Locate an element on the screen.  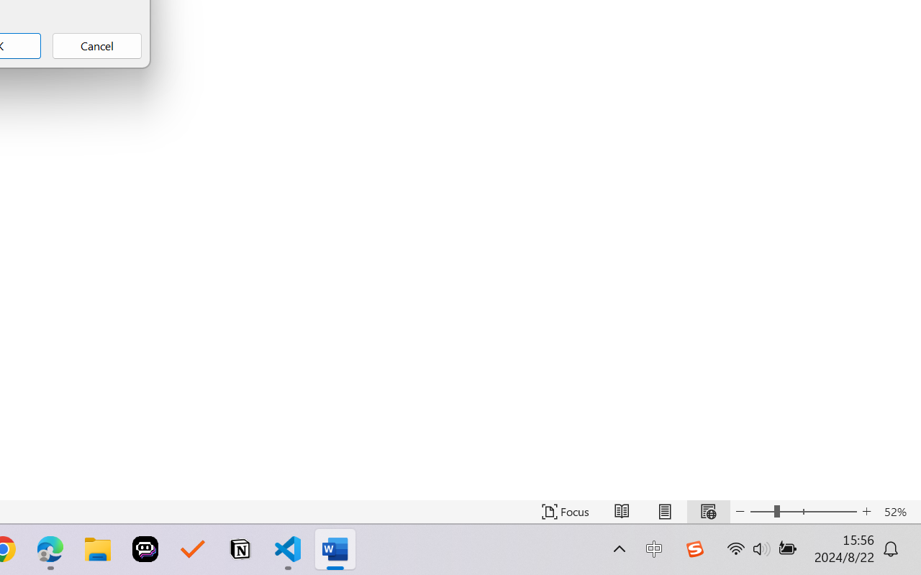
'Focus ' is located at coordinates (565, 511).